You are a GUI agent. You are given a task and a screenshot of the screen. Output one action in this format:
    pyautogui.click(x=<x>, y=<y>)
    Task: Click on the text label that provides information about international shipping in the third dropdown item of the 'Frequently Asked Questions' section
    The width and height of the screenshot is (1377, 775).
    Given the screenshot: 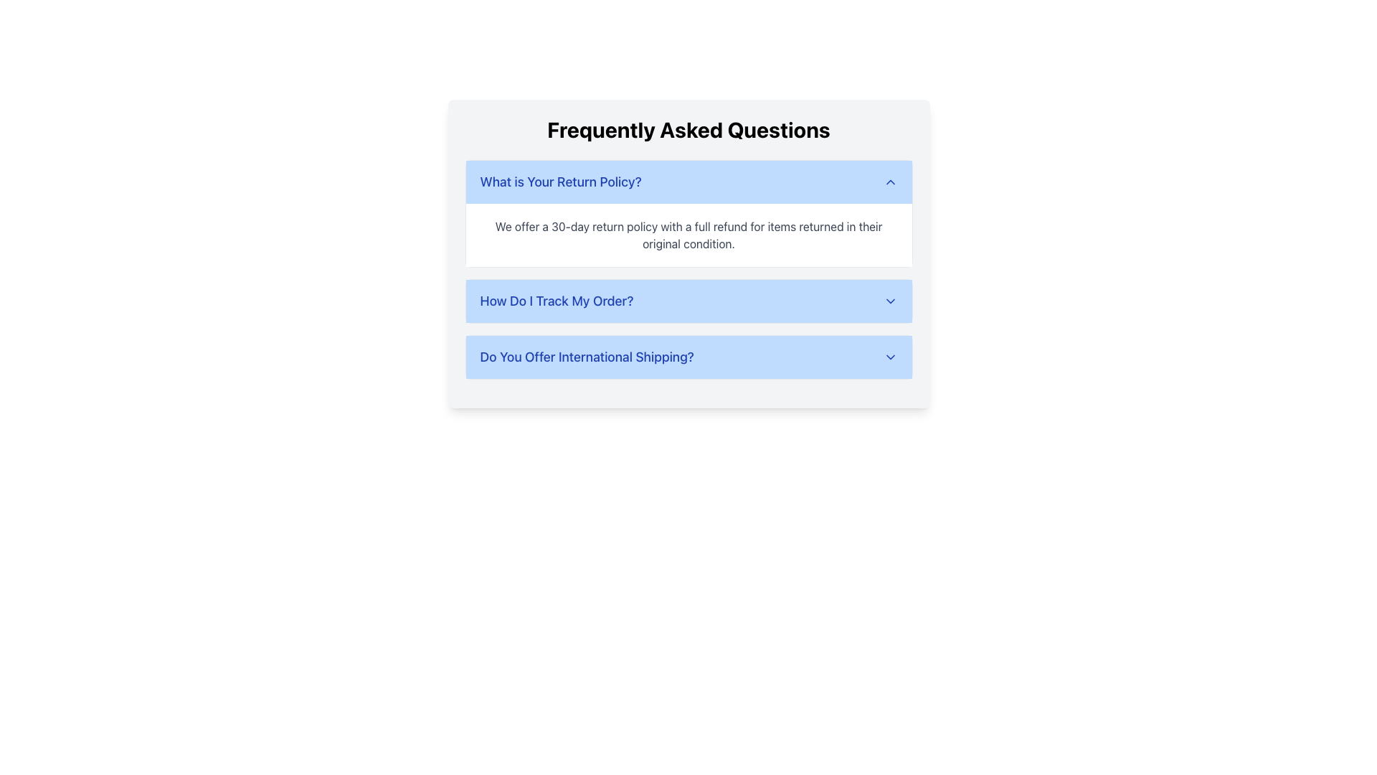 What is the action you would take?
    pyautogui.click(x=587, y=356)
    